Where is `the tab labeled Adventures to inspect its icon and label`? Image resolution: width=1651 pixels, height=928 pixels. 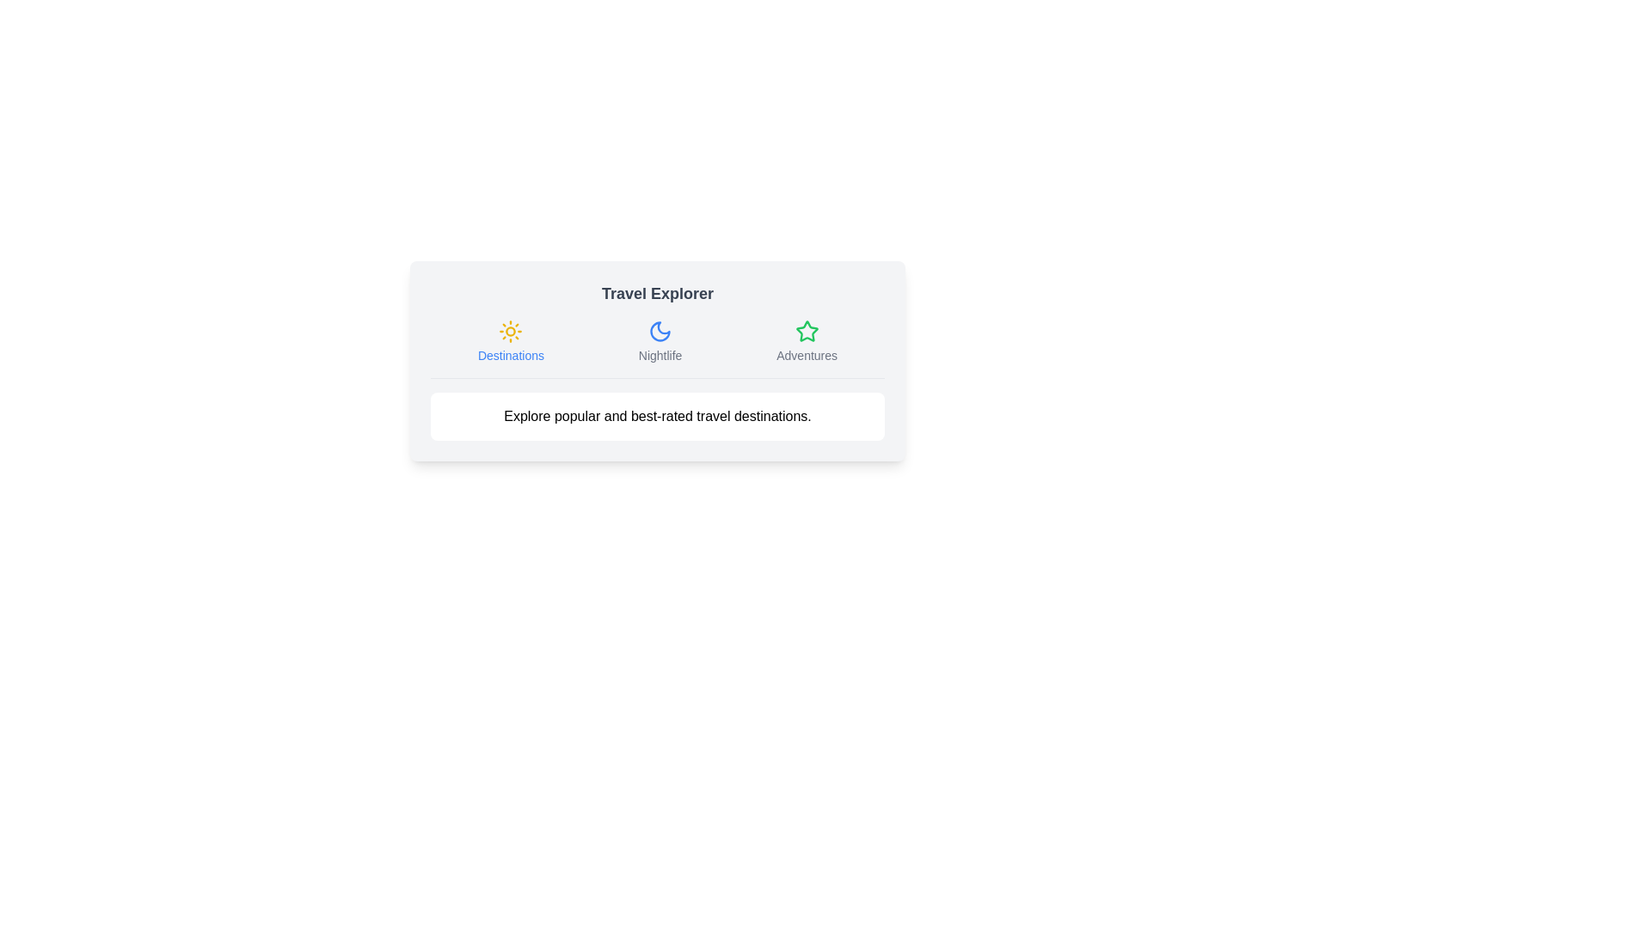 the tab labeled Adventures to inspect its icon and label is located at coordinates (805, 341).